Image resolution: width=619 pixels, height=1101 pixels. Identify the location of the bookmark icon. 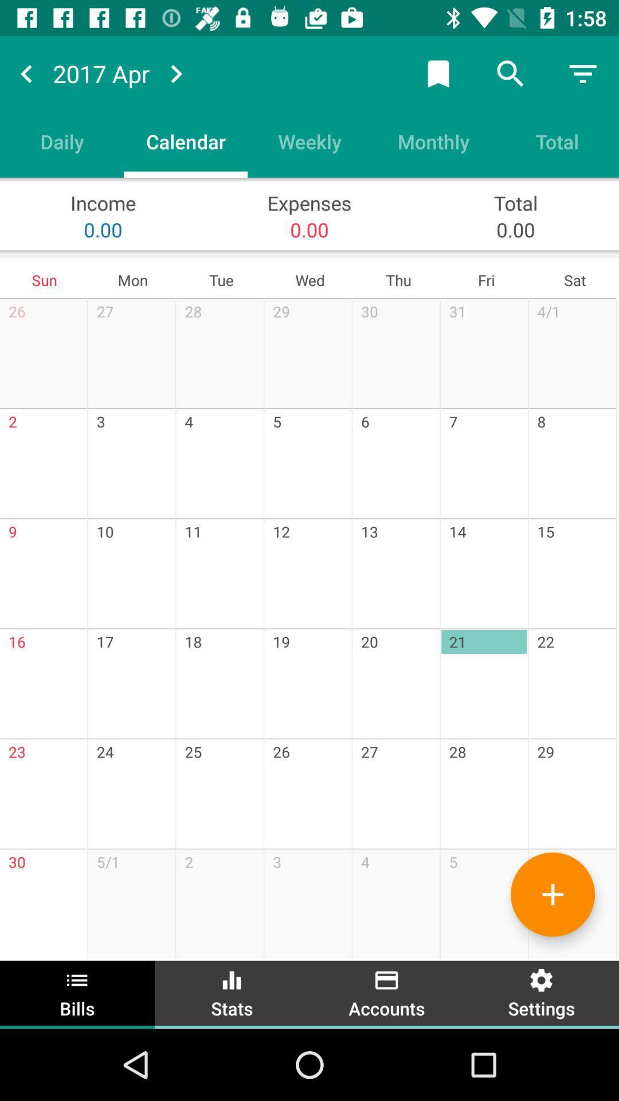
(438, 73).